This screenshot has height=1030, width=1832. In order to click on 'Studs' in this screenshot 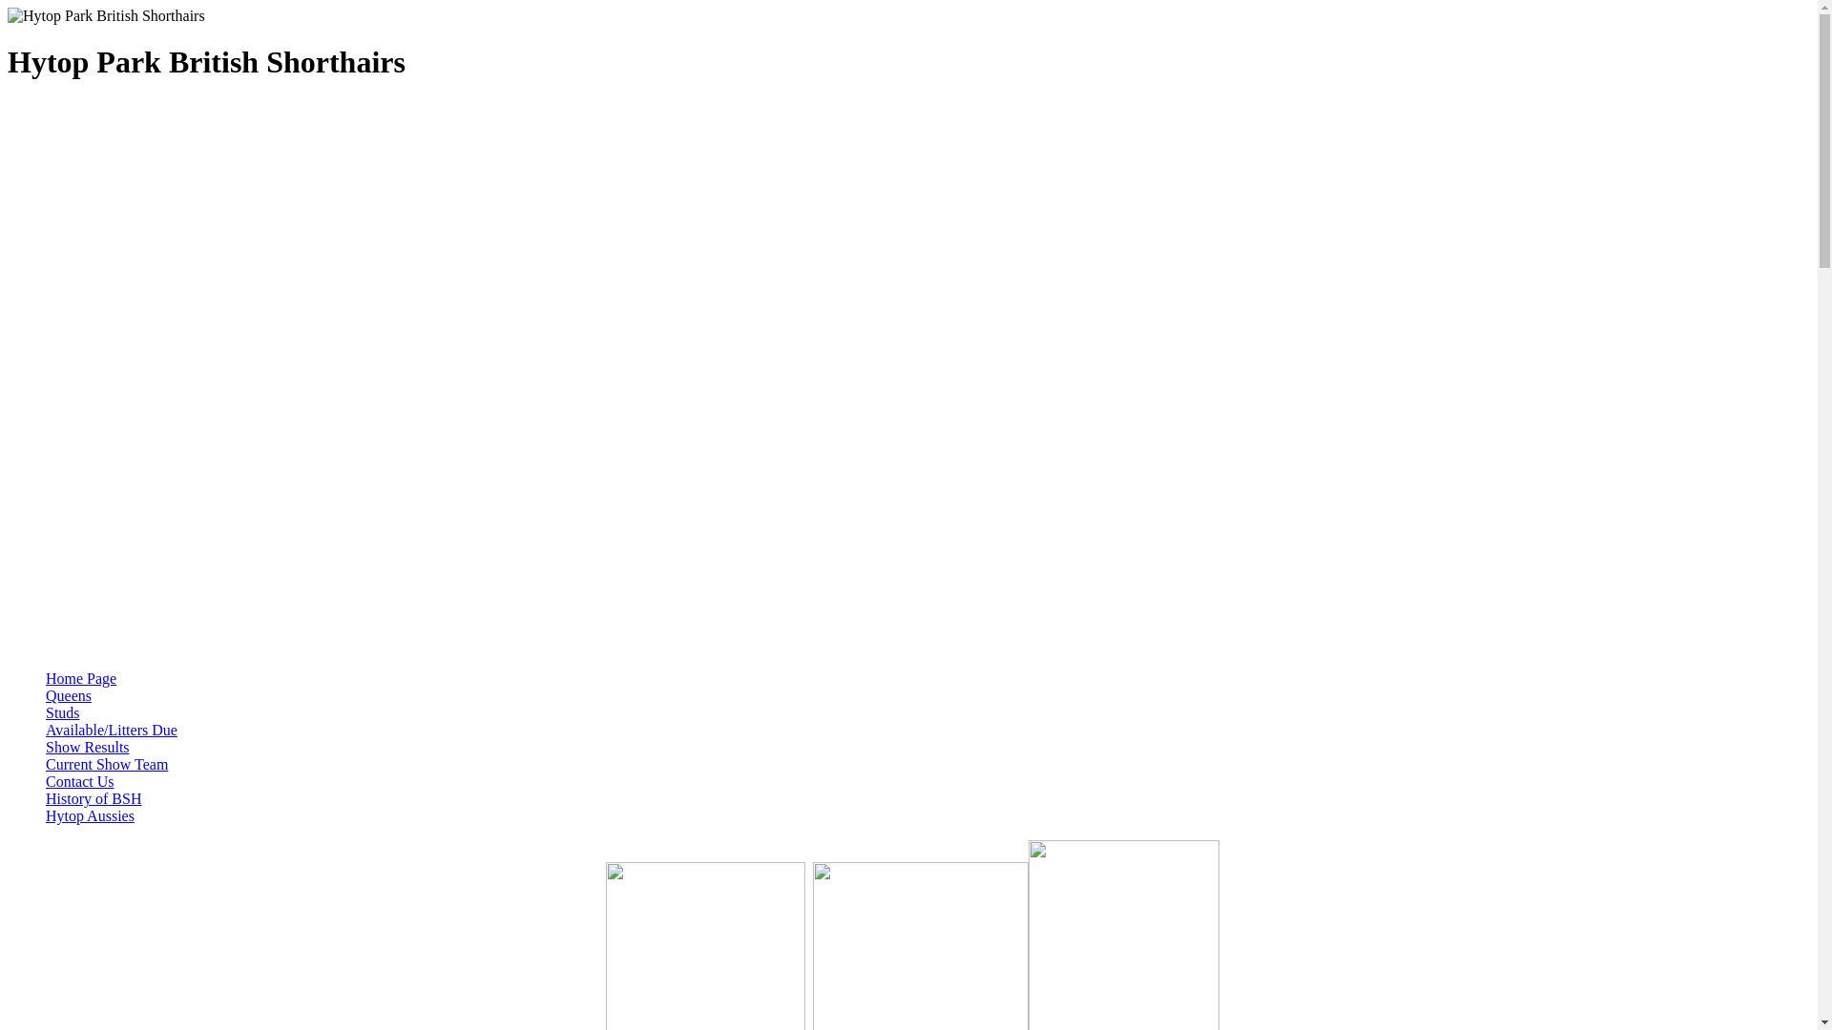, I will do `click(63, 712)`.